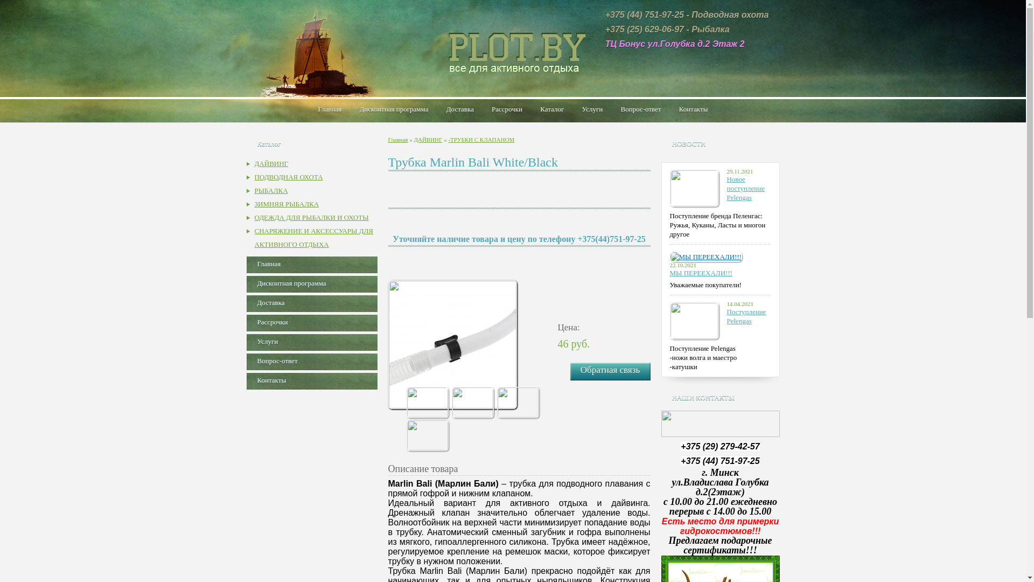 Image resolution: width=1034 pixels, height=582 pixels. What do you see at coordinates (512, 50) in the screenshot?
I see `'PLOT.BY'` at bounding box center [512, 50].